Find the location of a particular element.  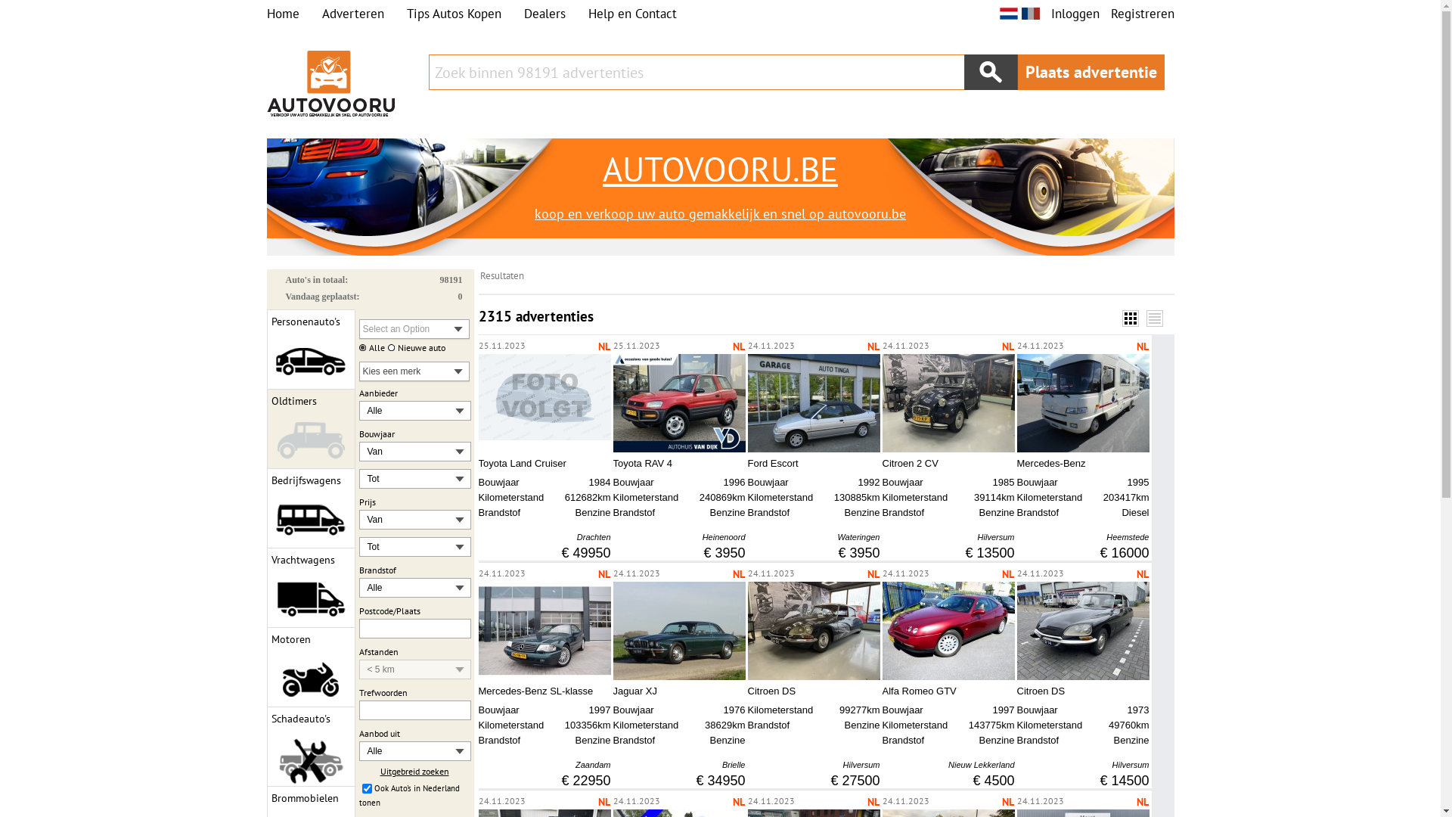

'Frans' is located at coordinates (1029, 14).